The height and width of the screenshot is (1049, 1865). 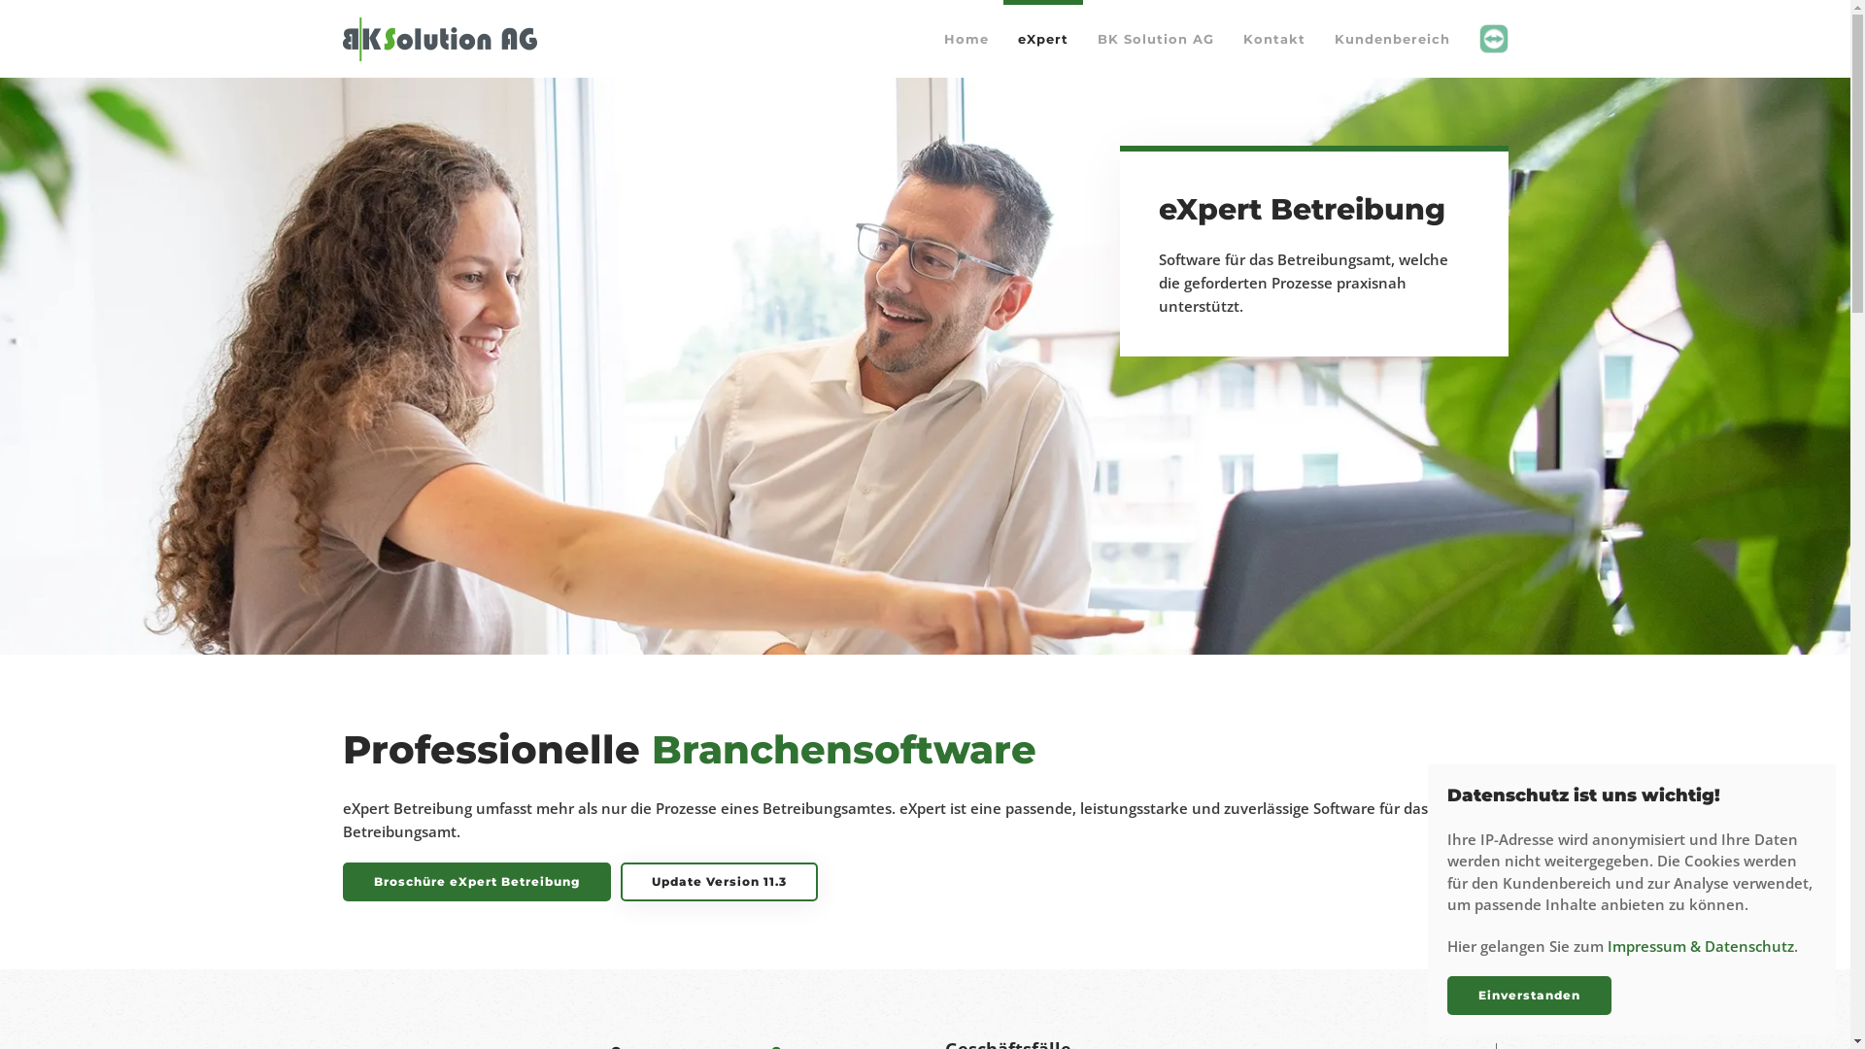 I want to click on 'Impressum & Datenschutz', so click(x=1700, y=945).